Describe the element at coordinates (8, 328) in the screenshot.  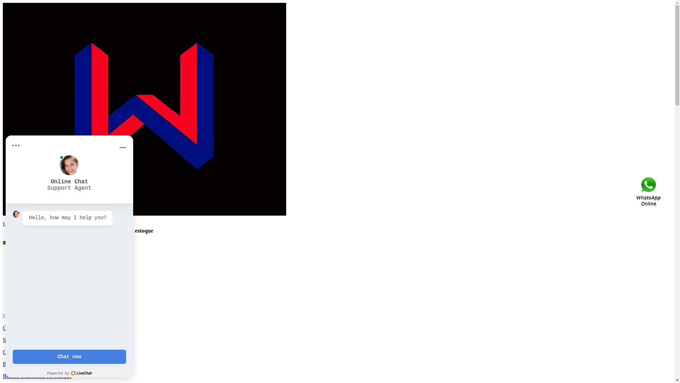
I see `'Casa'` at that location.